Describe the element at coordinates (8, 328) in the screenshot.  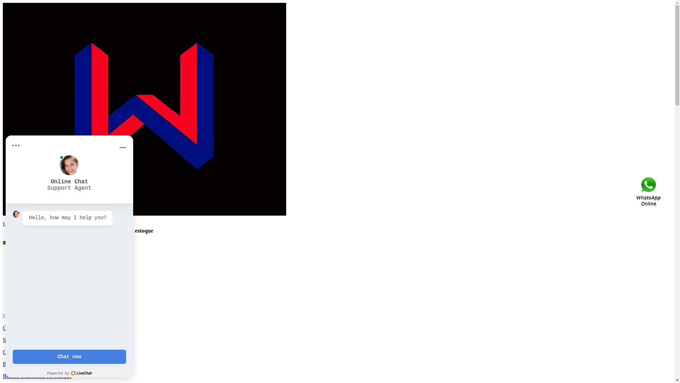
I see `'Casa'` at that location.